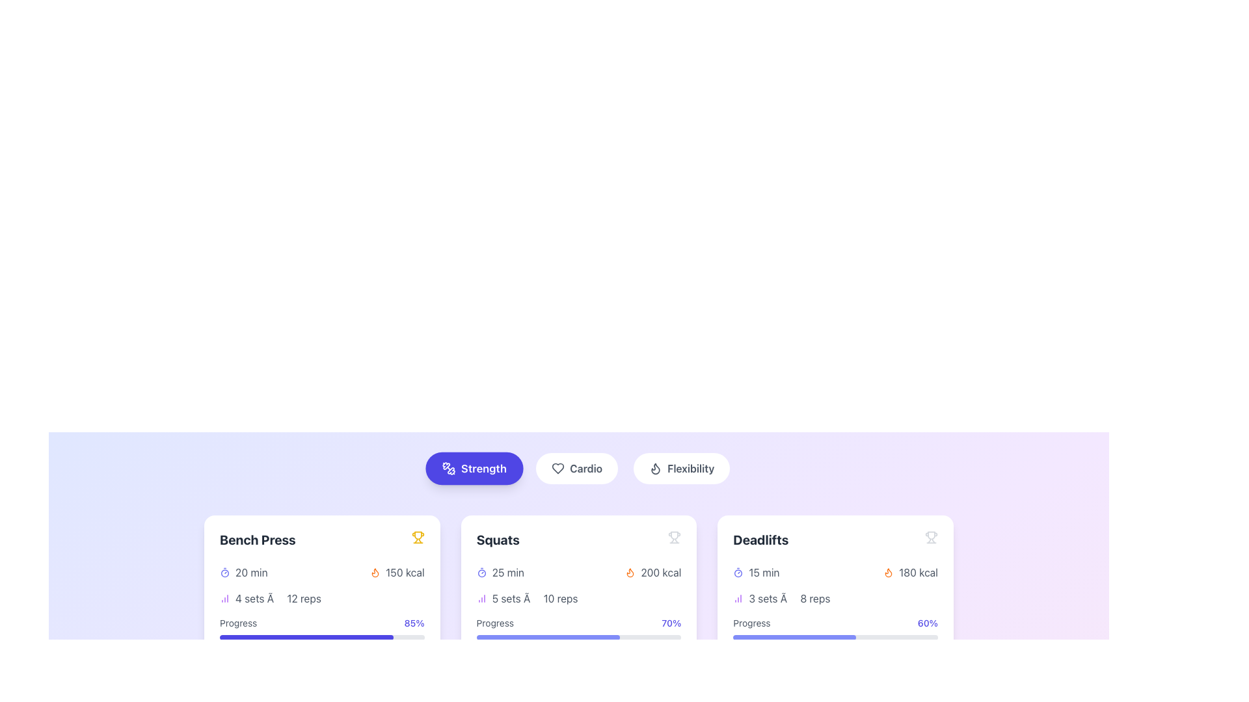 This screenshot has height=702, width=1249. What do you see at coordinates (418, 536) in the screenshot?
I see `the trophy icon representing achievement at the top-right corner of the 'Bench Press' card` at bounding box center [418, 536].